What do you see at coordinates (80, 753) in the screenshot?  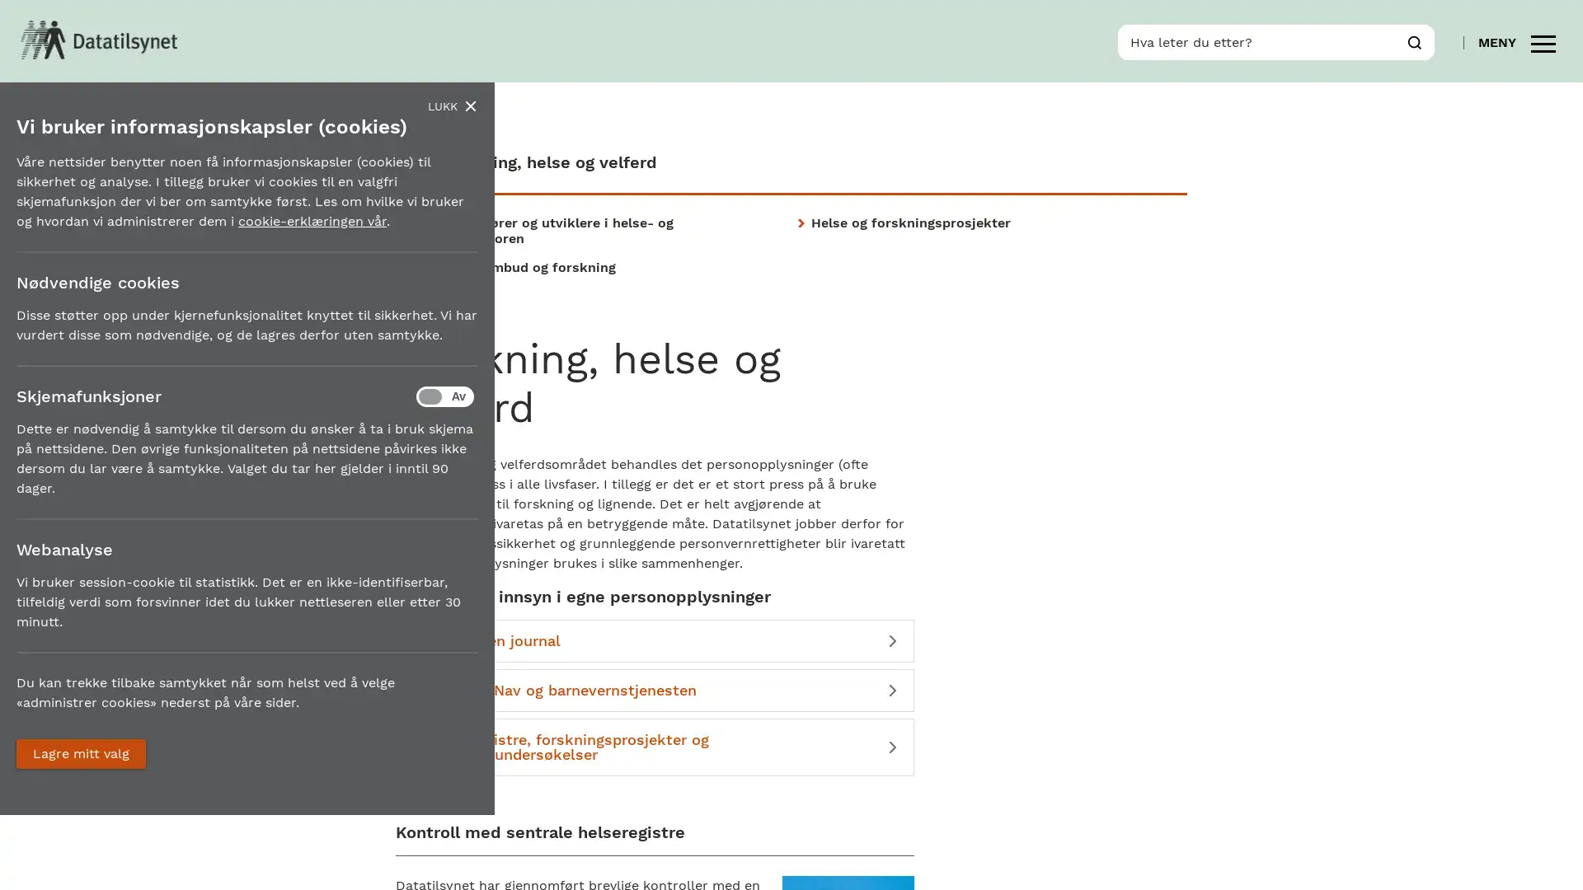 I see `Lagre mitt valg` at bounding box center [80, 753].